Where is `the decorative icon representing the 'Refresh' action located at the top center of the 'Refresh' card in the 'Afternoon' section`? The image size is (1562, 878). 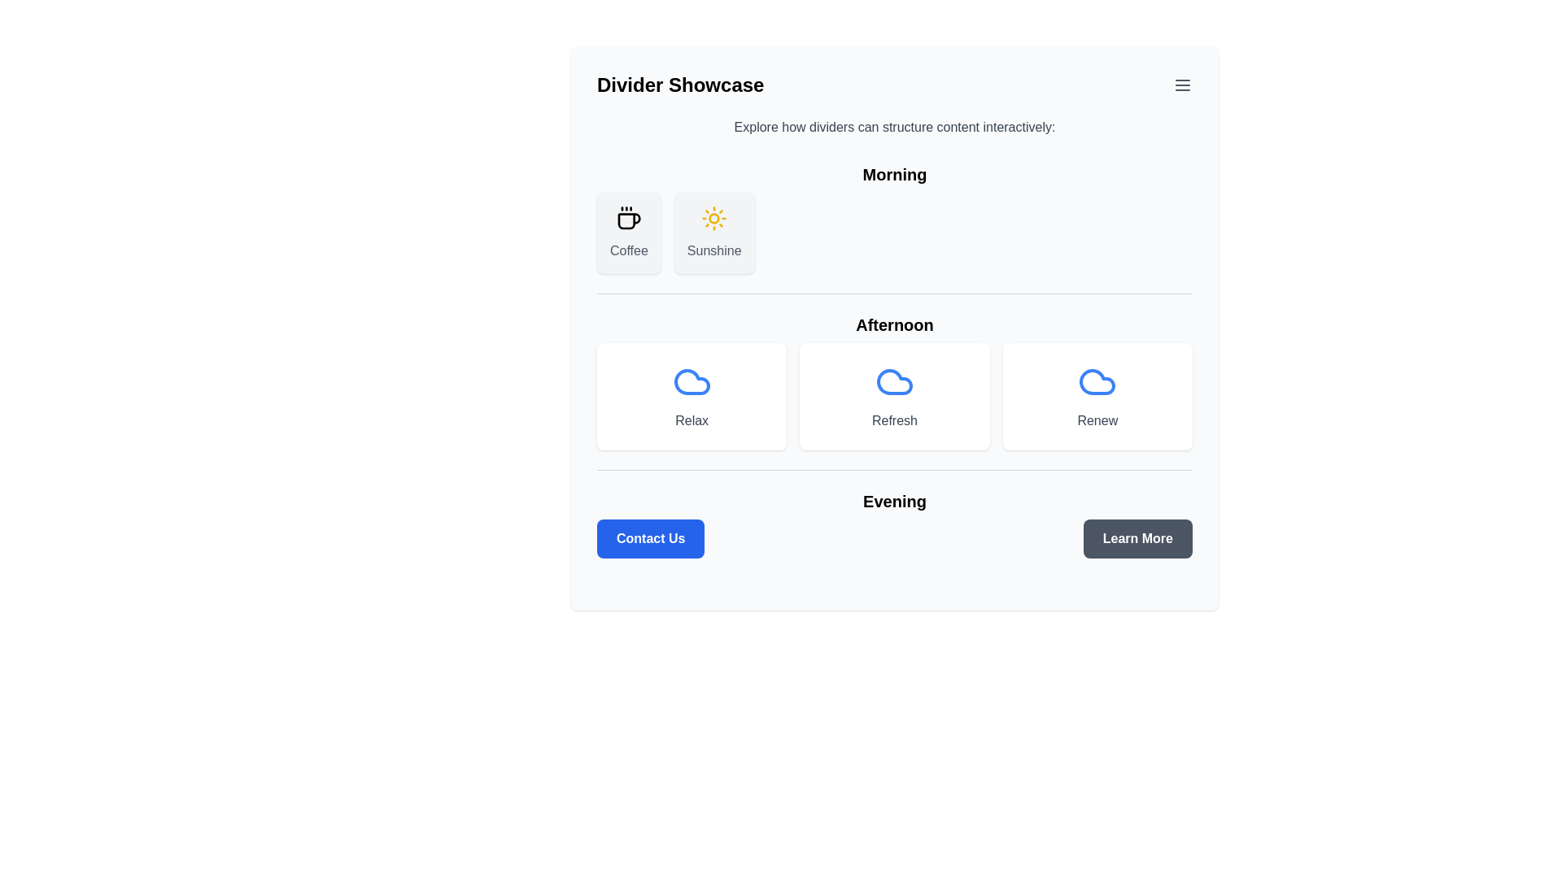 the decorative icon representing the 'Refresh' action located at the top center of the 'Refresh' card in the 'Afternoon' section is located at coordinates (893, 382).